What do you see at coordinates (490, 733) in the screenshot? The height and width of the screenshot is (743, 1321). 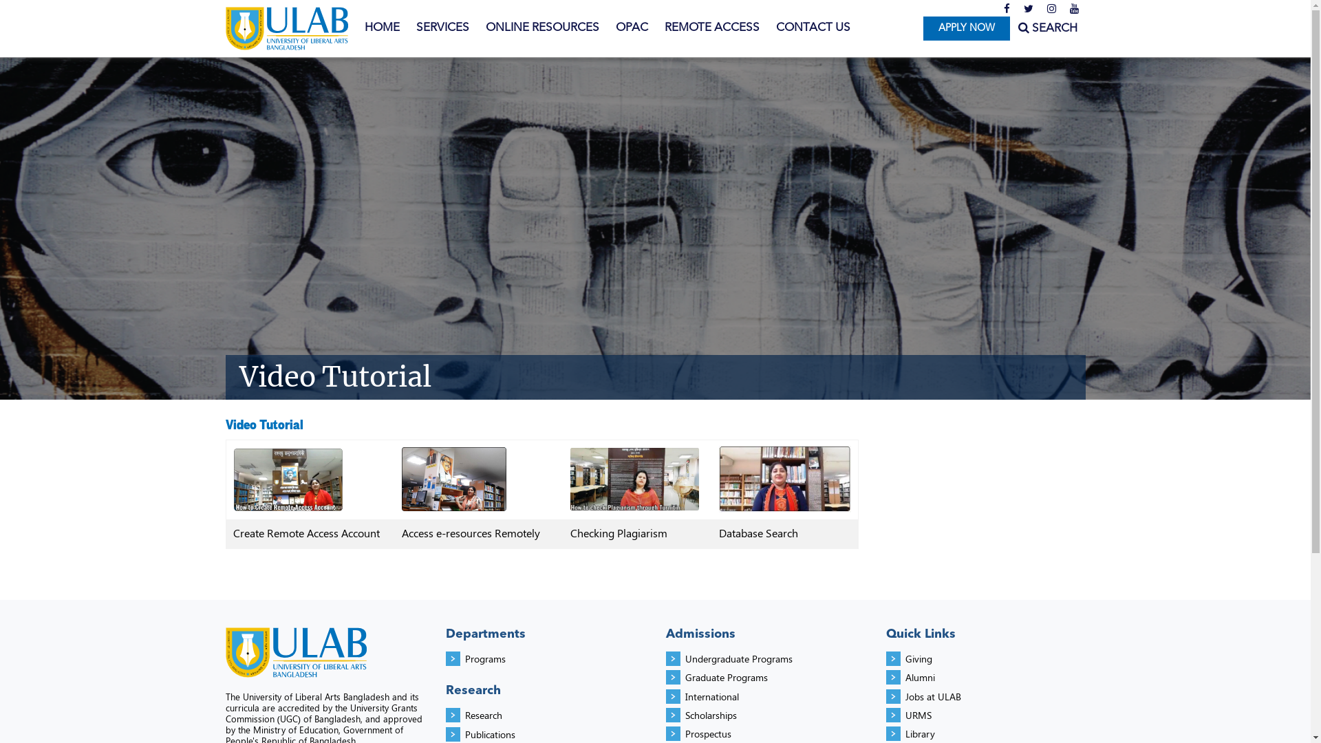 I see `'Publications'` at bounding box center [490, 733].